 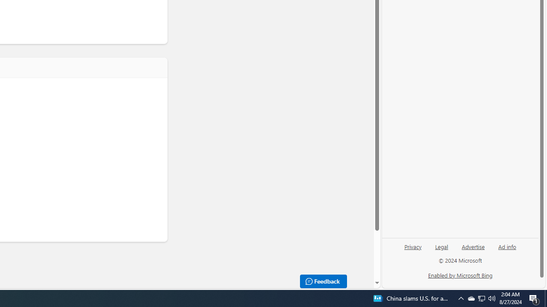 What do you see at coordinates (473, 249) in the screenshot?
I see `'Advertise'` at bounding box center [473, 249].